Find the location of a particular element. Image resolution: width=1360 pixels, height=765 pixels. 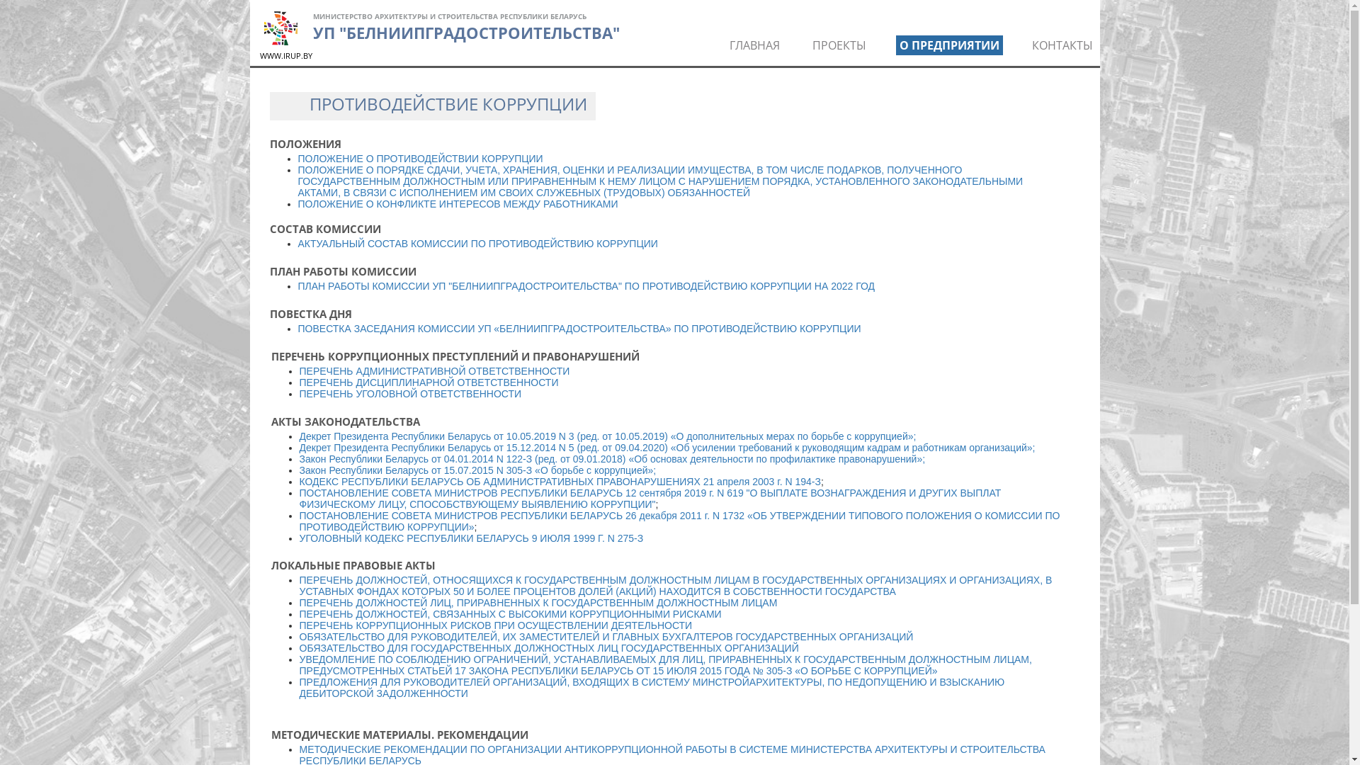

'WWW.IRUP.BY' is located at coordinates (285, 55).